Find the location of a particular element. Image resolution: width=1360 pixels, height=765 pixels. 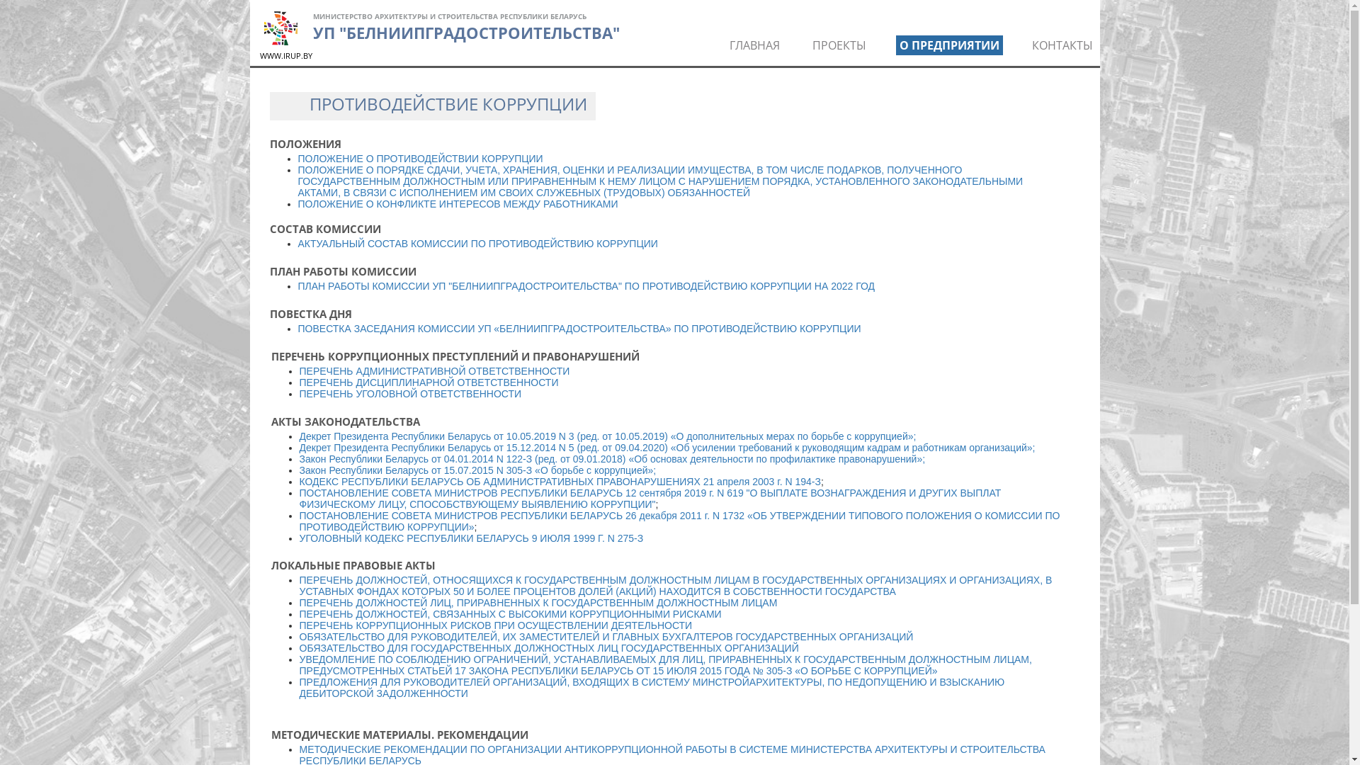

'WWW.IRUP.BY' is located at coordinates (285, 55).